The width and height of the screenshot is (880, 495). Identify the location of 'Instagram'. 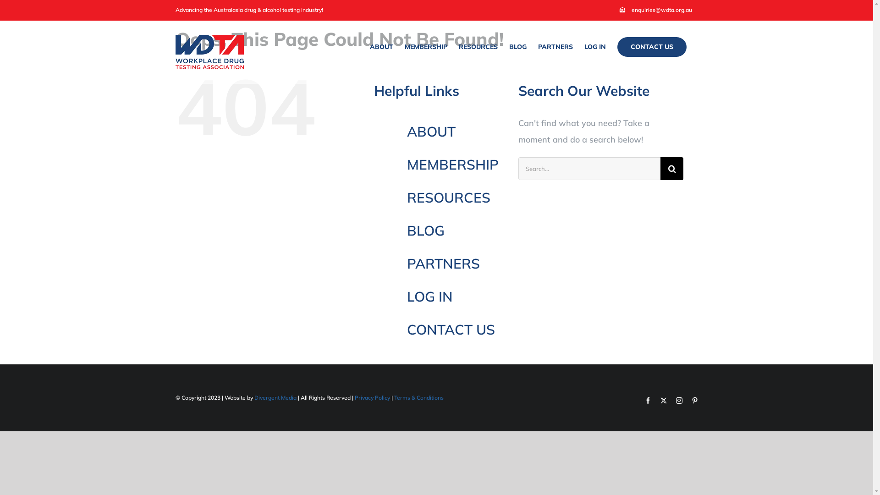
(679, 400).